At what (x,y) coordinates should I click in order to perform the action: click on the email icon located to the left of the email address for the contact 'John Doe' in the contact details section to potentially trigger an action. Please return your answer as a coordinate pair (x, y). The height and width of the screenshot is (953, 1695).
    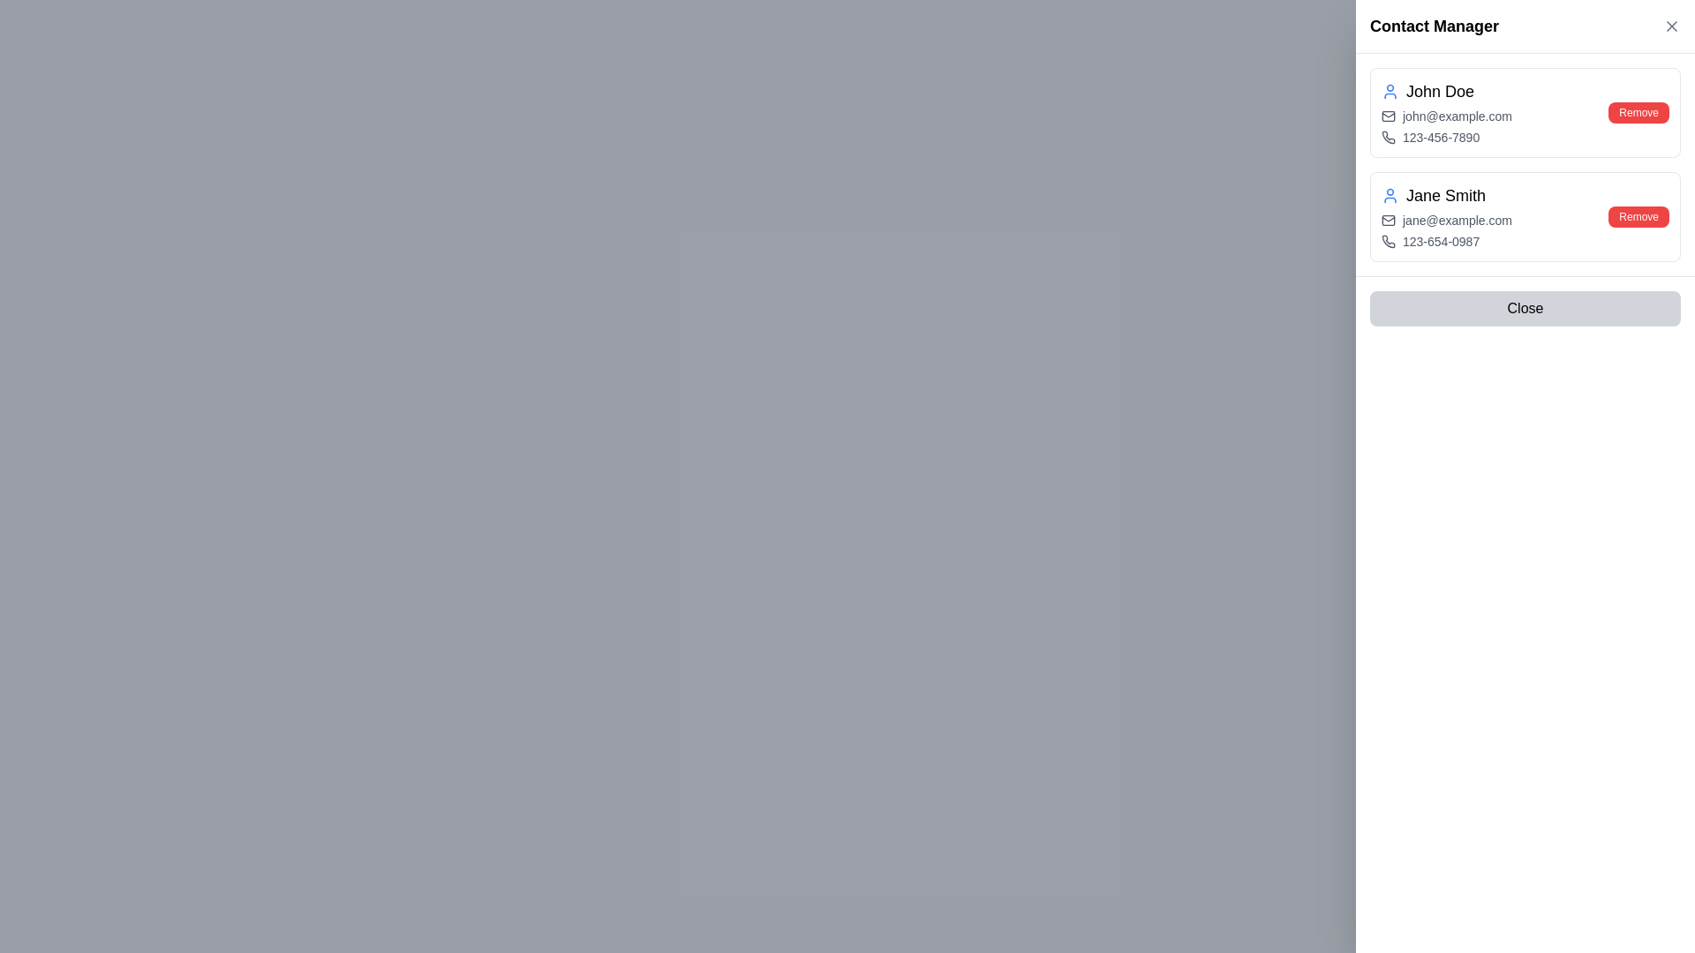
    Looking at the image, I should click on (1388, 116).